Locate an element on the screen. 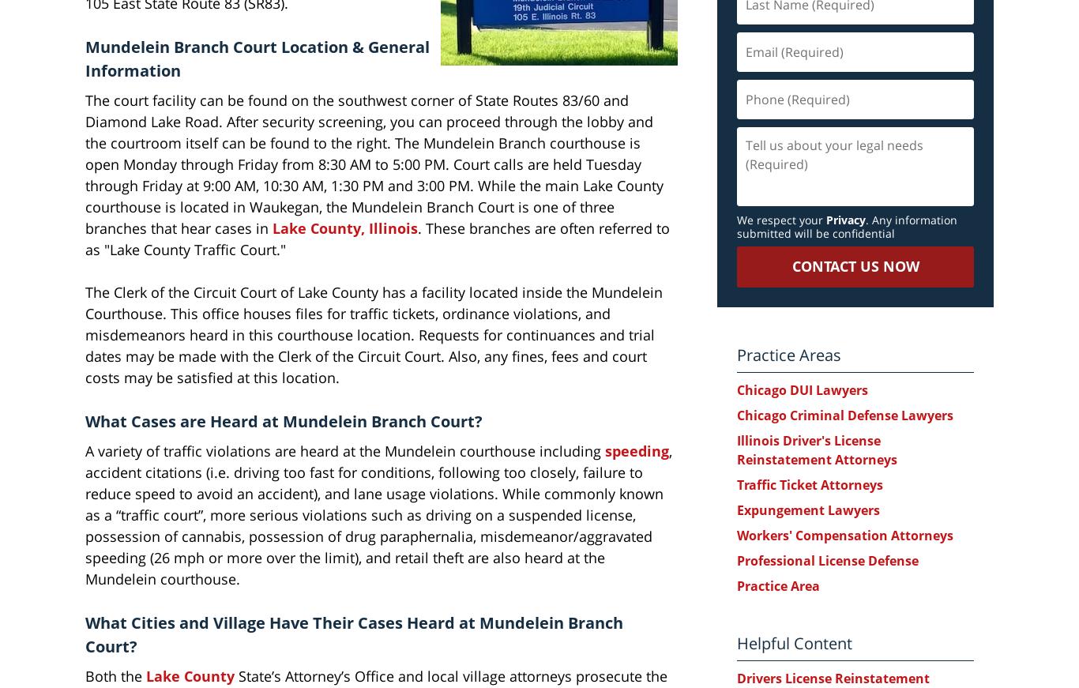 The image size is (1079, 688). 'Privacy' is located at coordinates (844, 220).